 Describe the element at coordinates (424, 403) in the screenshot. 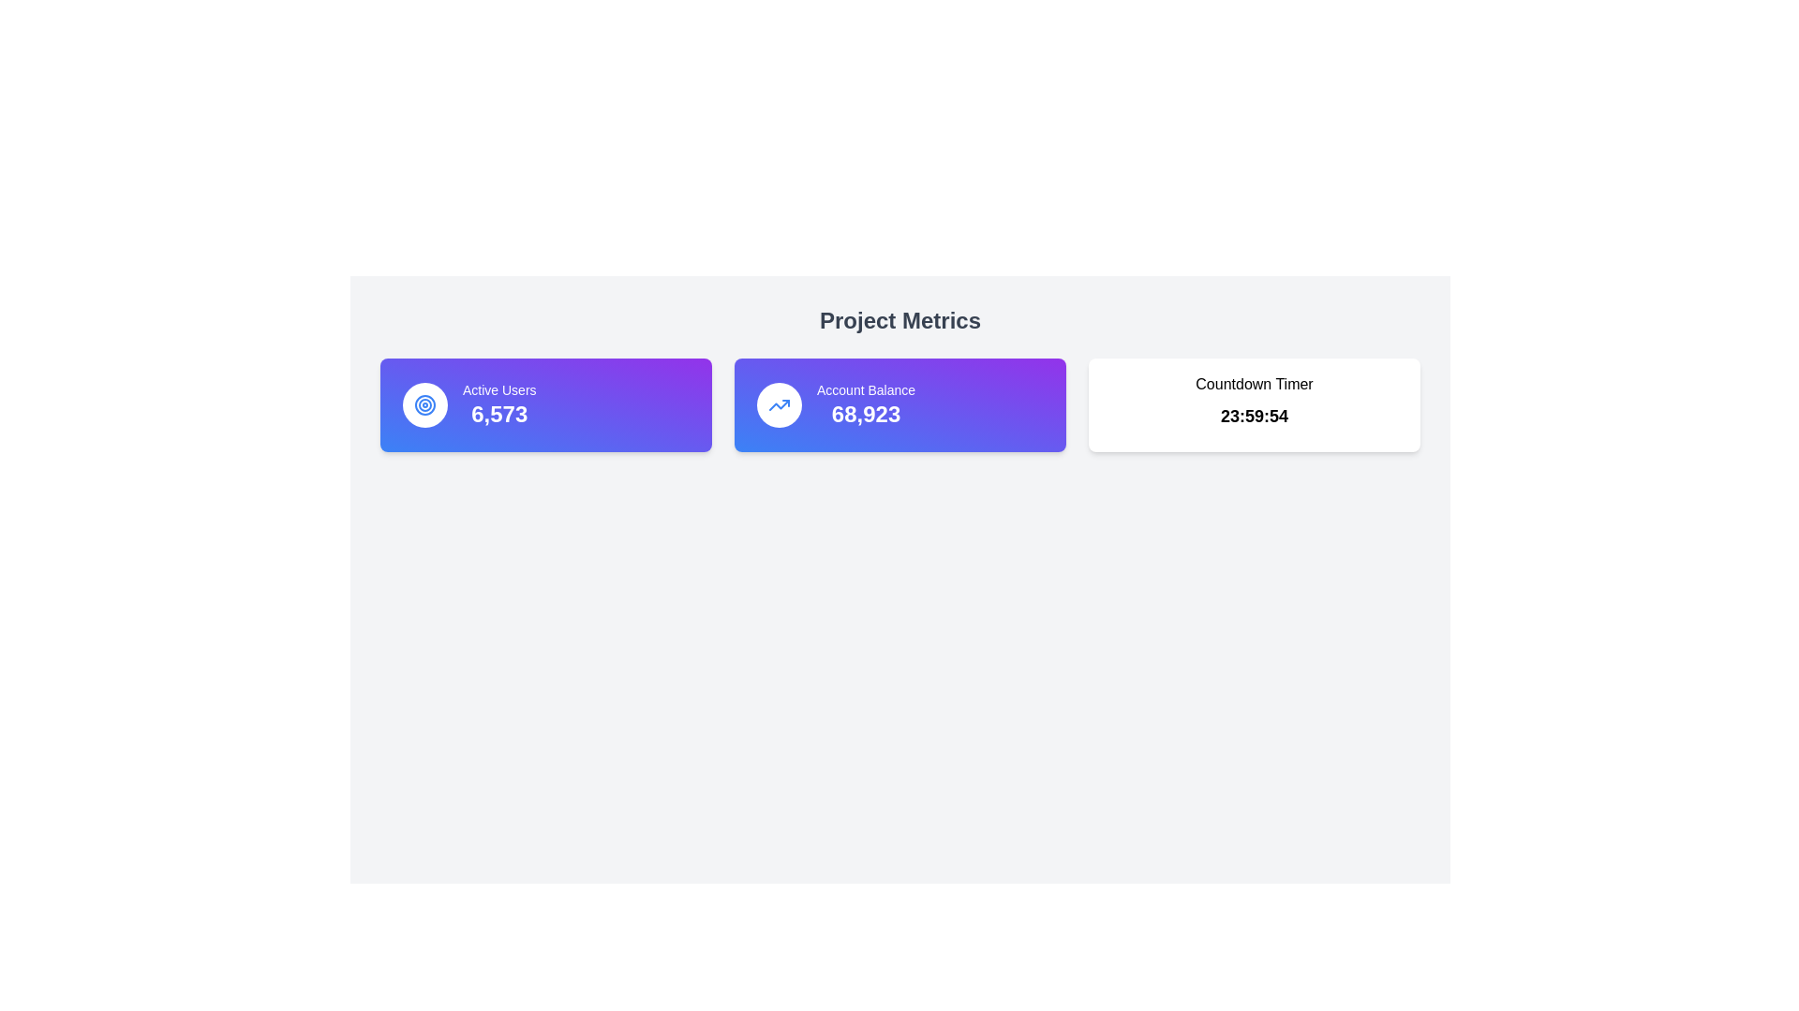

I see `the decorative icon representing 'Active Users' located in the top left corner of the card displaying 'Active Users' and '6,573'` at that location.